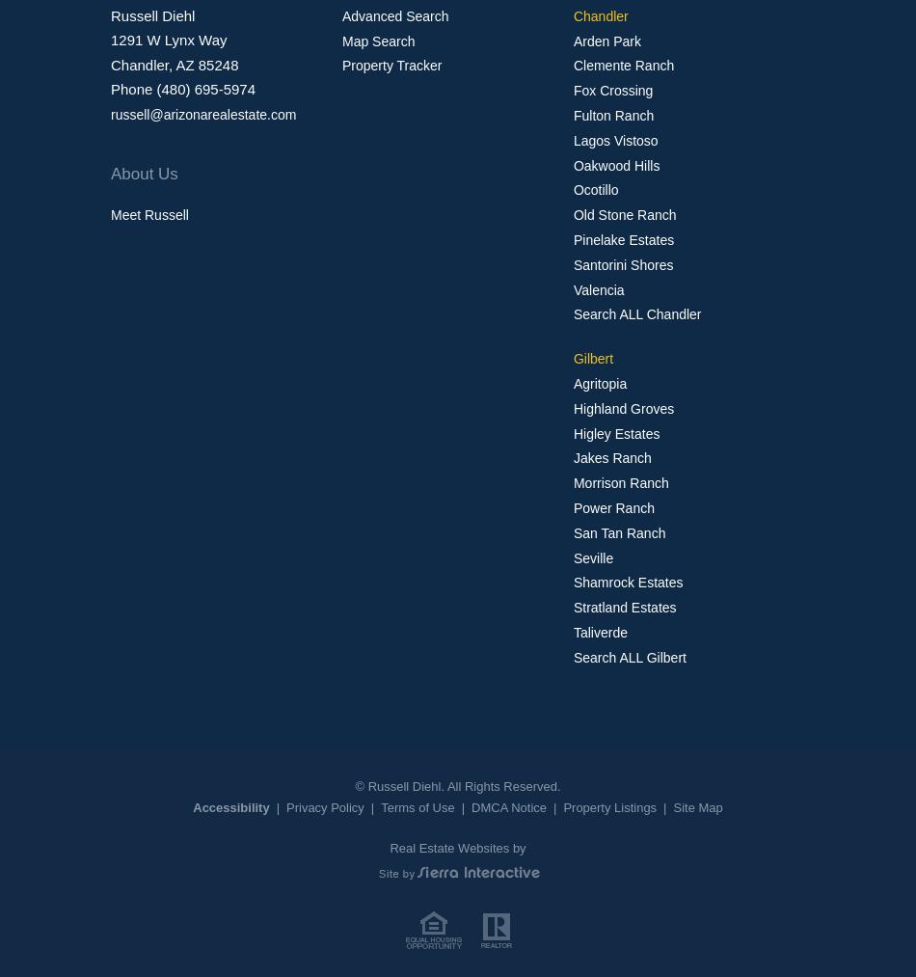 The image size is (916, 977). I want to click on 'Site Map', so click(696, 805).